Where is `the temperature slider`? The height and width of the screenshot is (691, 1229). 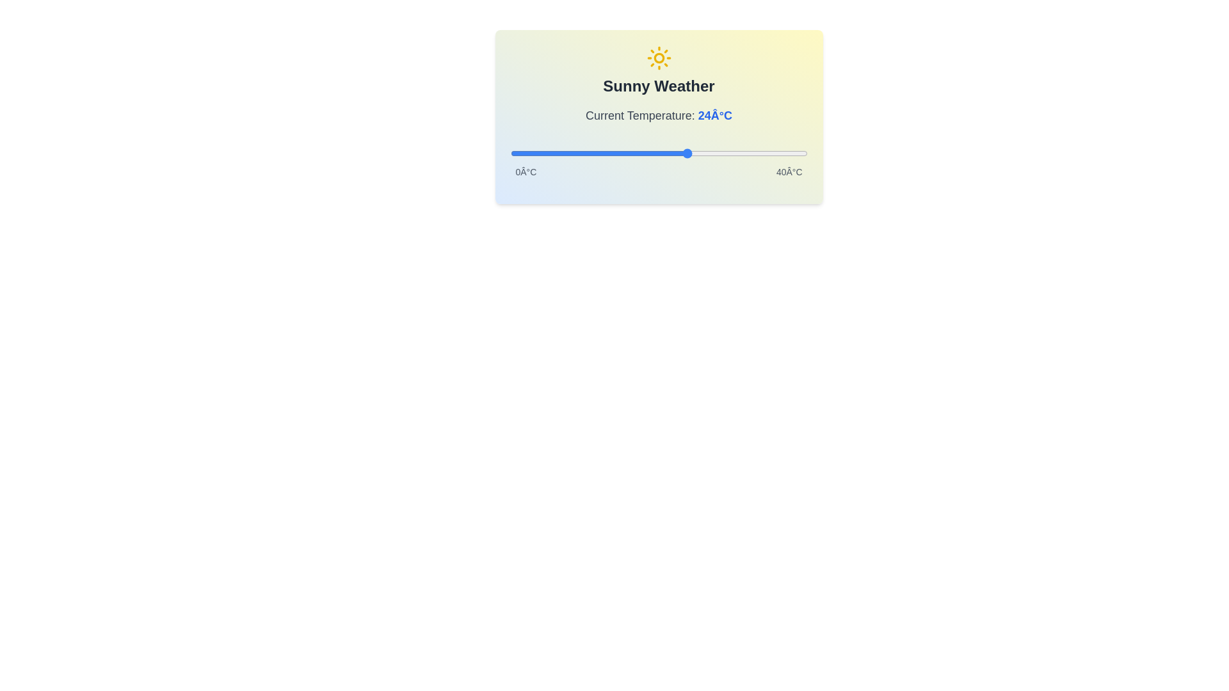 the temperature slider is located at coordinates (651, 152).